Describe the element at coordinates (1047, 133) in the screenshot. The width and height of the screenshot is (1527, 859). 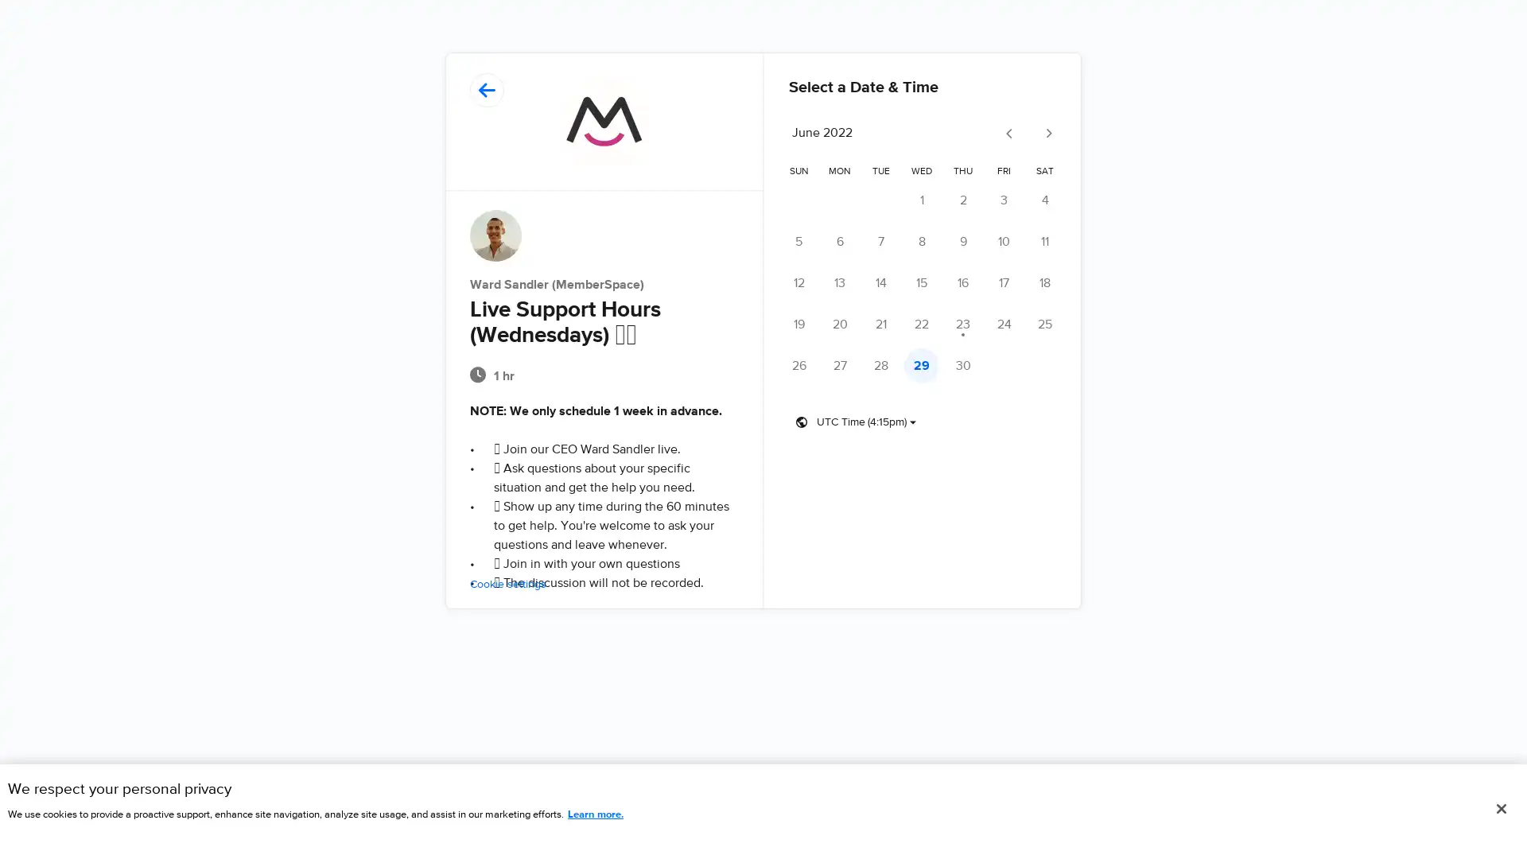
I see `Go to next month` at that location.